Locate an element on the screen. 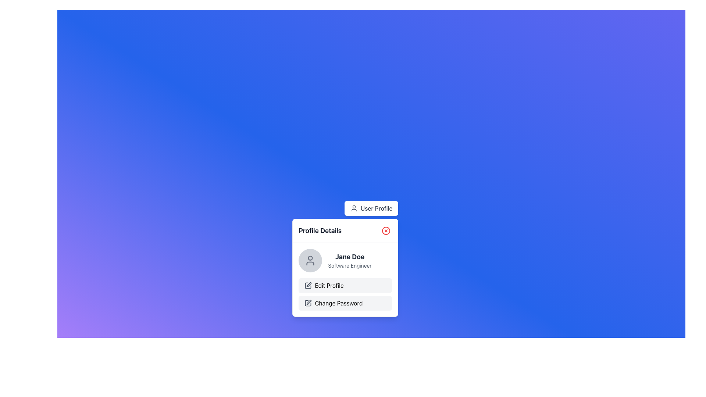  the pen icon representing the editing feature located to the left of the 'Edit Profile' button for tooltip or highlight is located at coordinates (309, 284).